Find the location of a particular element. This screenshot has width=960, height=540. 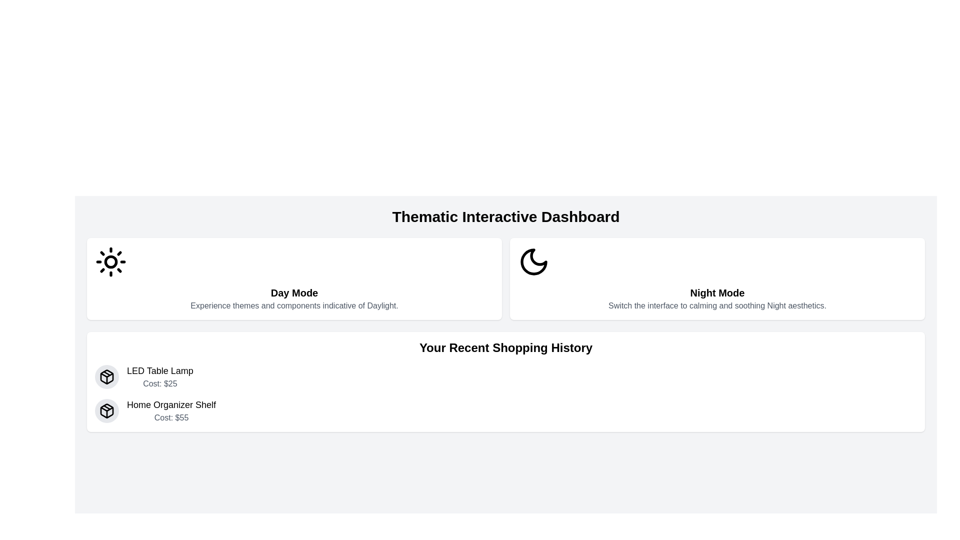

Decorative Icon resembling a sun with rays, located in the 'Day Mode' section, positioned above the 'Day Mode' text is located at coordinates (110, 261).